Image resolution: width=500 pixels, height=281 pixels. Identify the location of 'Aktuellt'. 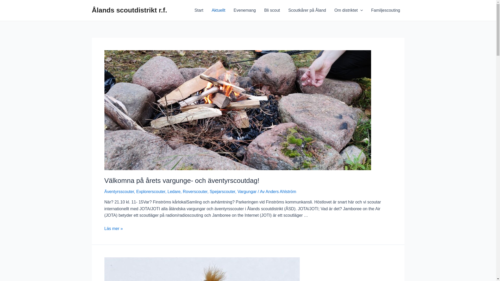
(218, 10).